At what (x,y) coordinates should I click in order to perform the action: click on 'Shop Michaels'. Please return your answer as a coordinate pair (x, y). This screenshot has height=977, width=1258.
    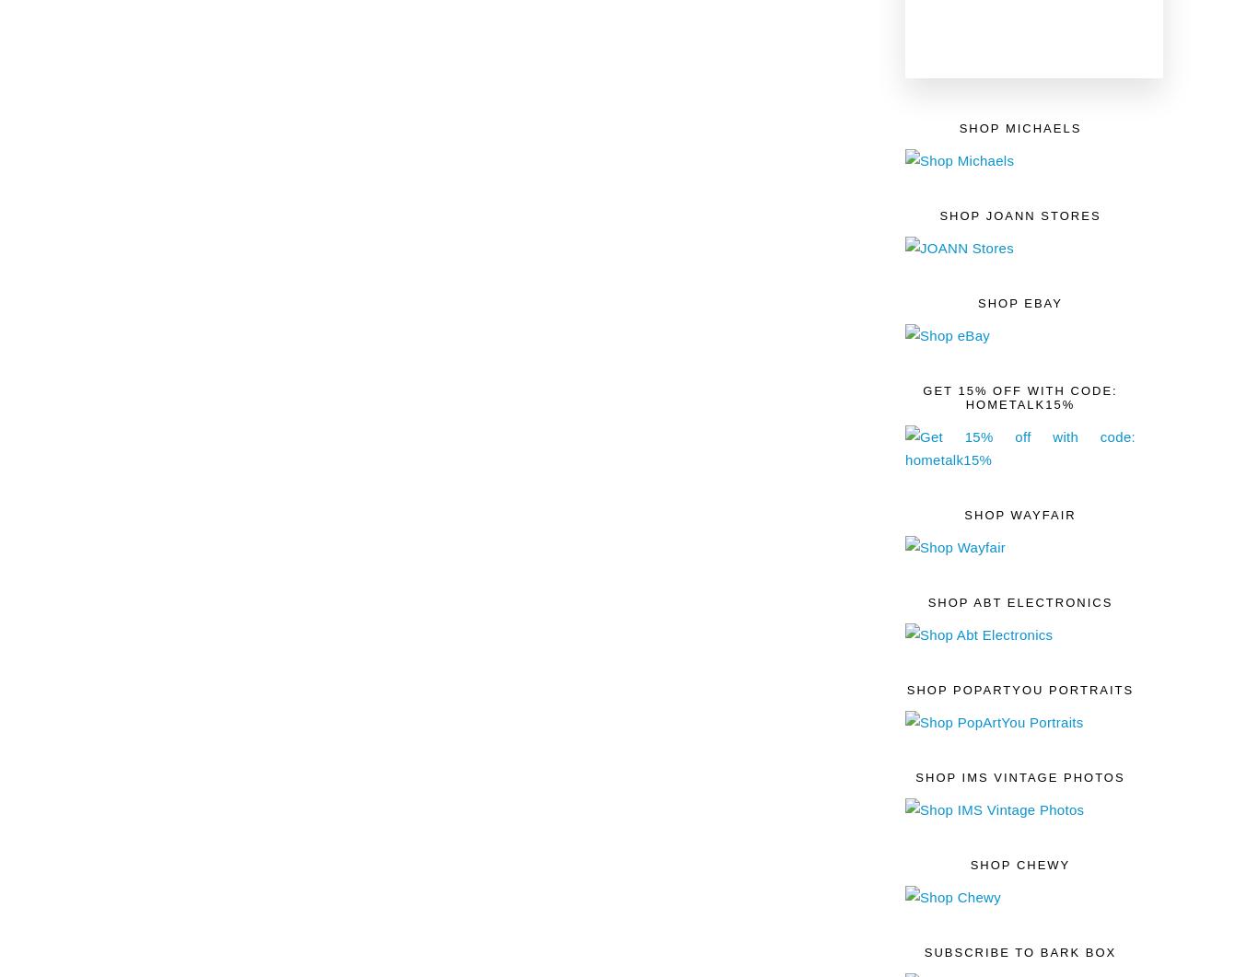
    Looking at the image, I should click on (1019, 127).